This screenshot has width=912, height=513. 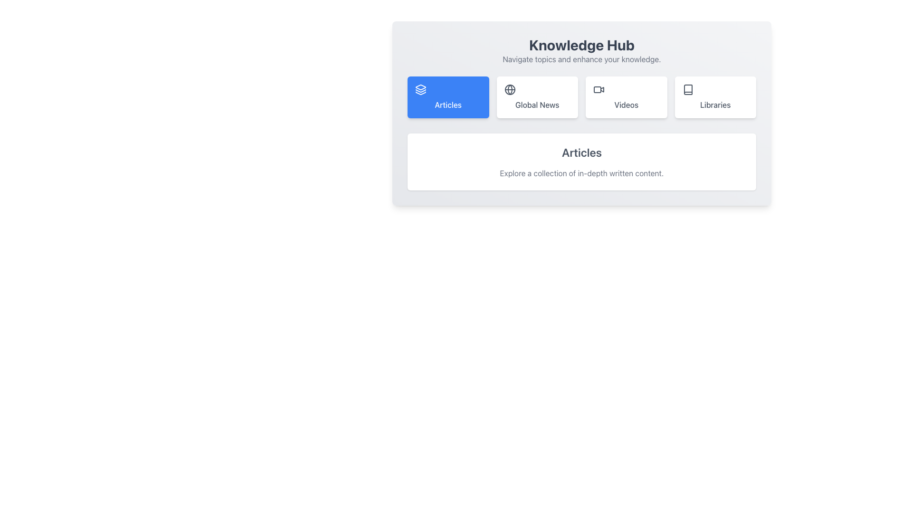 What do you see at coordinates (626, 97) in the screenshot?
I see `the 'Videos' button, the third clickable button between 'Global News' and 'Libraries', to trigger a visual effect` at bounding box center [626, 97].